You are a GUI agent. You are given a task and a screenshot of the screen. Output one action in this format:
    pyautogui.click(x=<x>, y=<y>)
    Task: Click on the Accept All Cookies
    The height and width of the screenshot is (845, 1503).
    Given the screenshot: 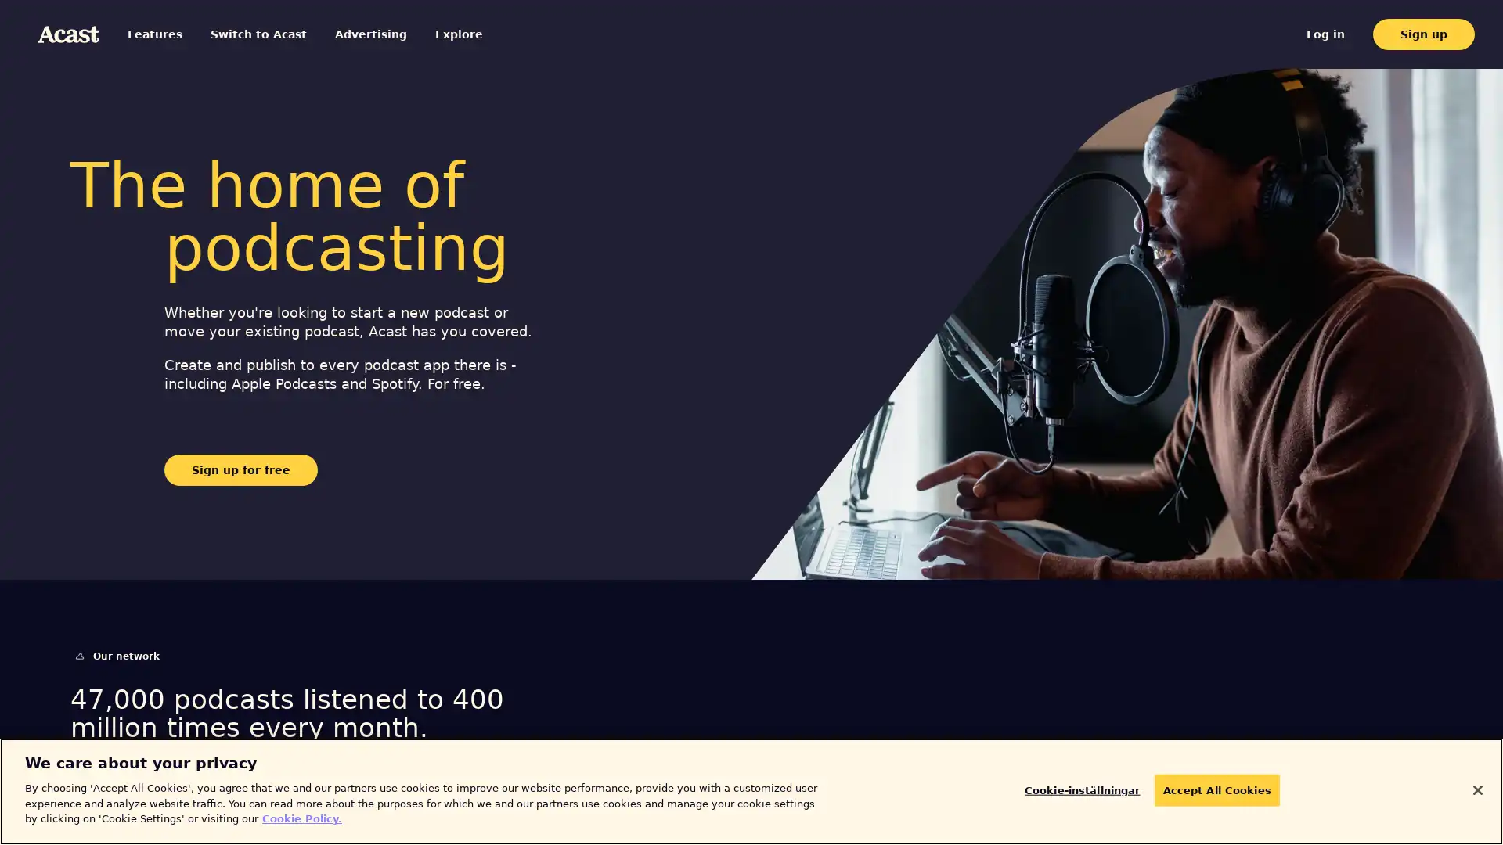 What is the action you would take?
    pyautogui.click(x=1206, y=790)
    